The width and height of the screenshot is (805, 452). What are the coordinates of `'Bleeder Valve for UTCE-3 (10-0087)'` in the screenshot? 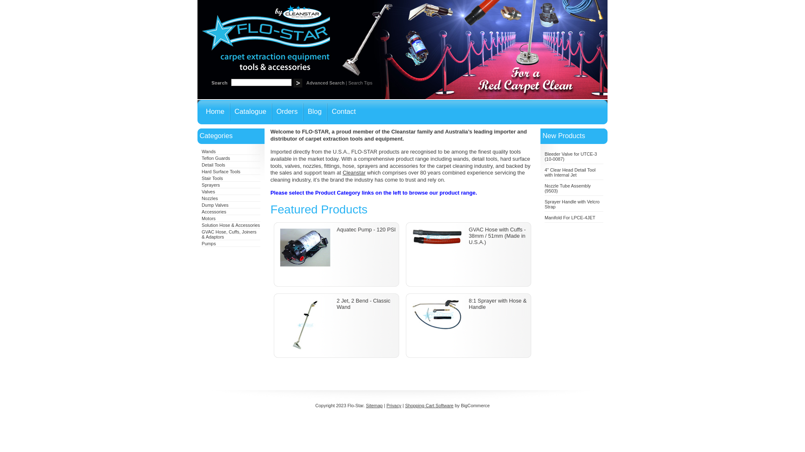 It's located at (570, 157).